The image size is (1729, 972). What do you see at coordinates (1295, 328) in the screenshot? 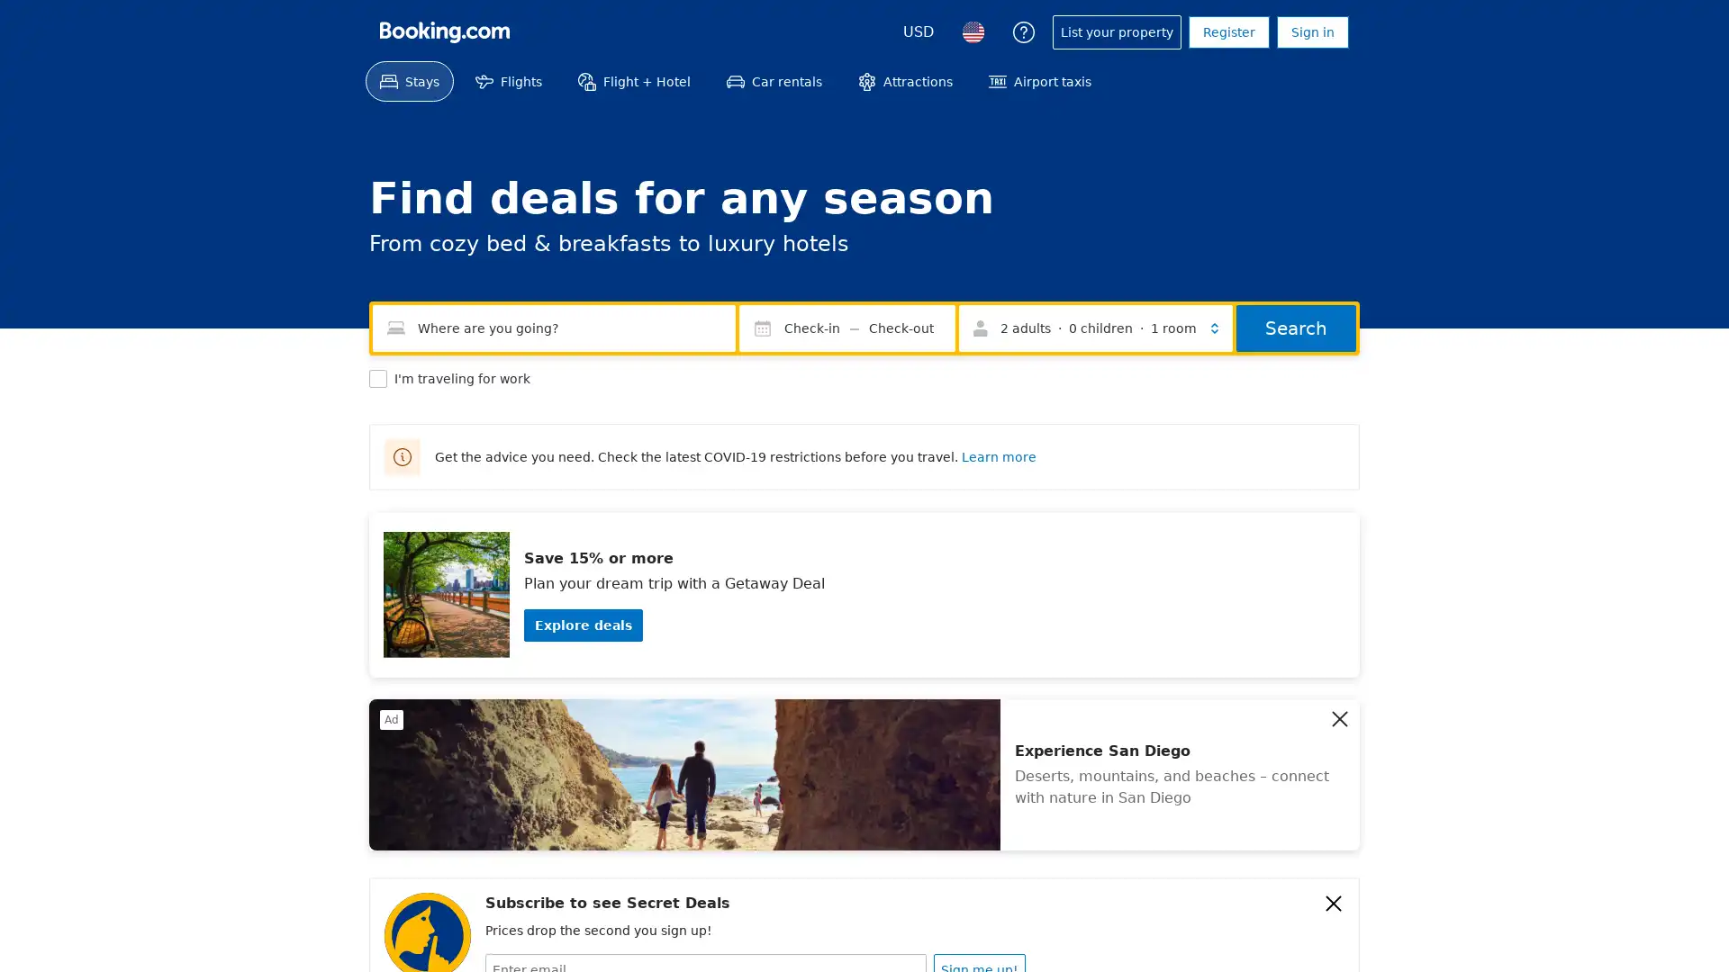
I see `Search` at bounding box center [1295, 328].